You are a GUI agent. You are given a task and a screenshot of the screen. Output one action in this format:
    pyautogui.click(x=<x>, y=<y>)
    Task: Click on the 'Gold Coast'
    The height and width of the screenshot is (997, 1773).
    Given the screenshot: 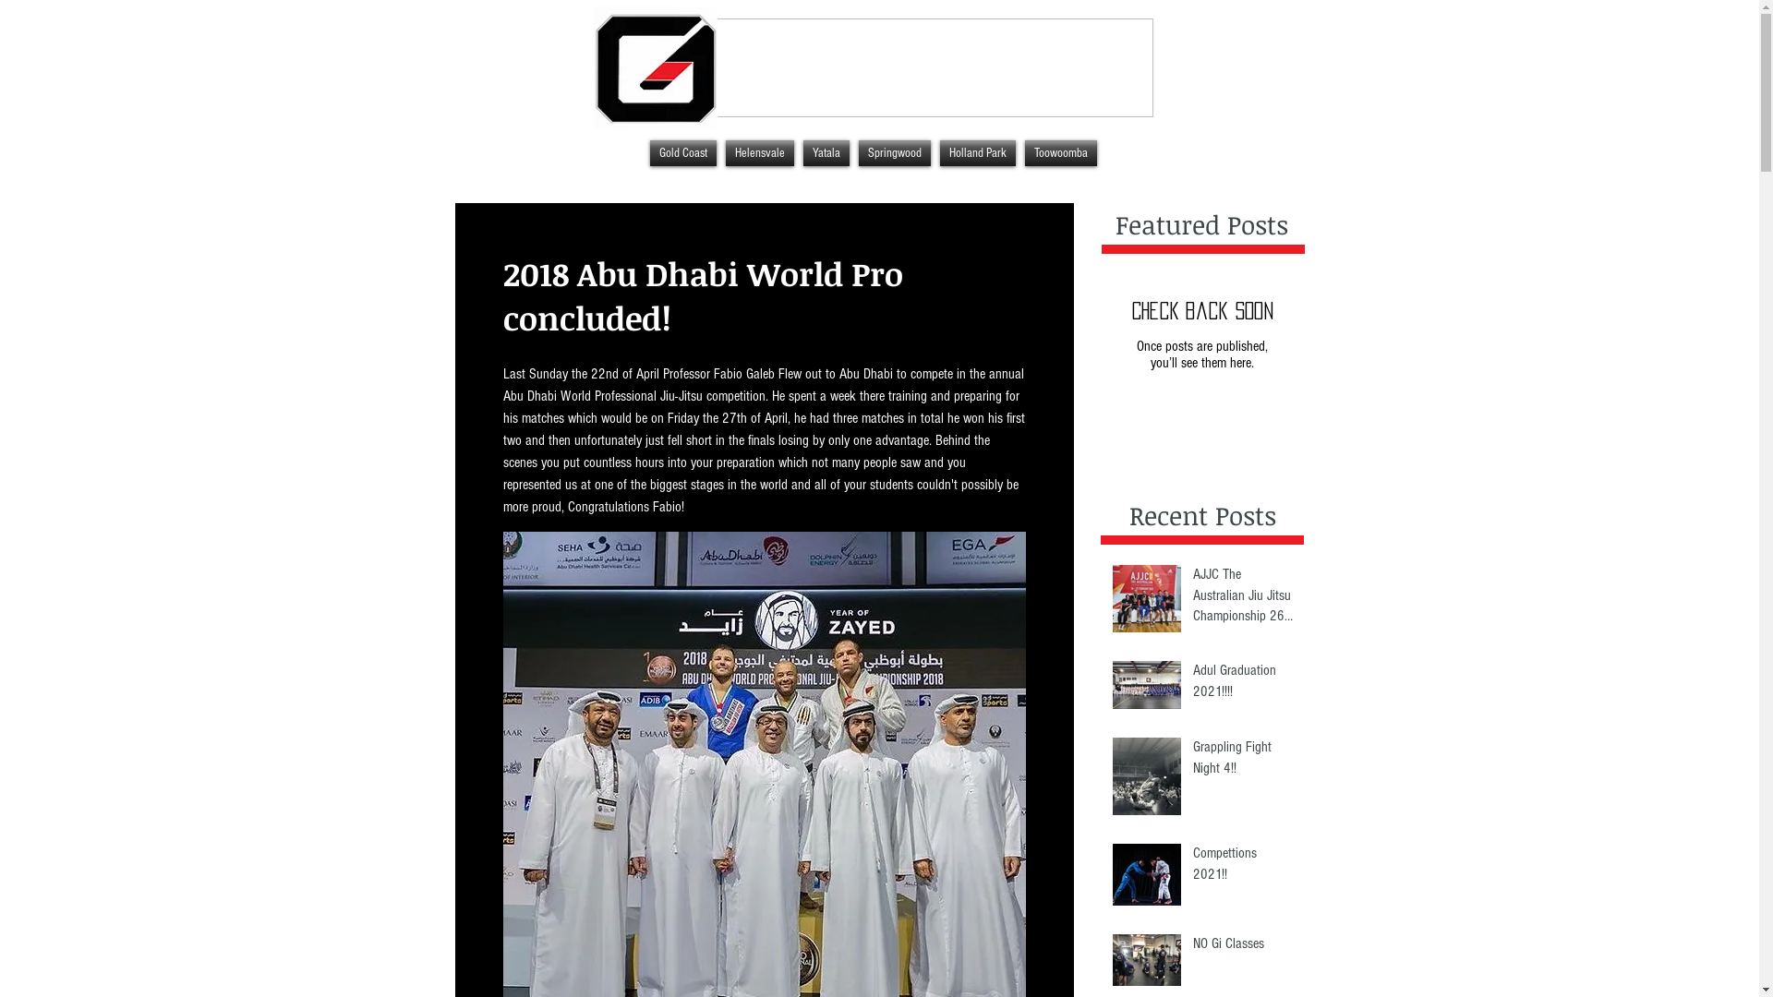 What is the action you would take?
    pyautogui.click(x=681, y=151)
    